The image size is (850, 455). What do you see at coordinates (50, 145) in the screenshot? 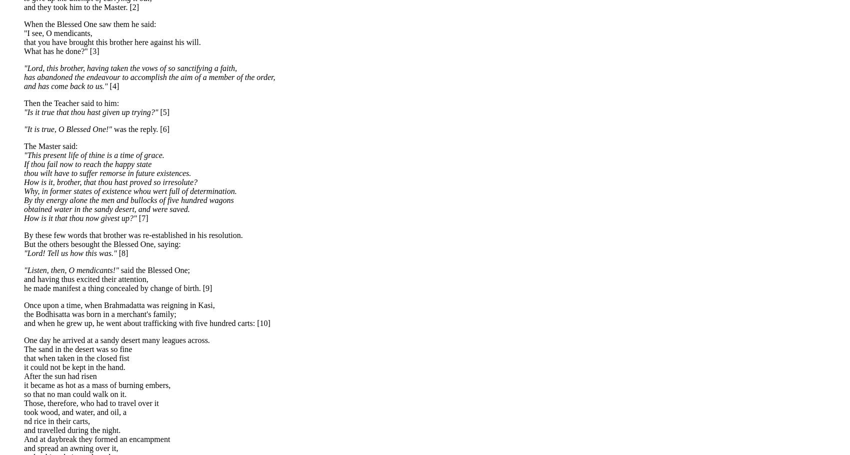
I see `'The Master said:'` at bounding box center [50, 145].